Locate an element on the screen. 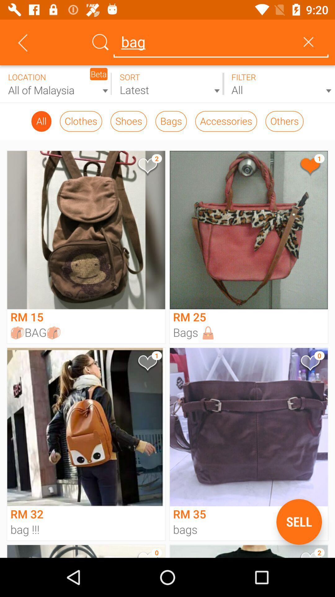 This screenshot has height=597, width=335. to favourites is located at coordinates (310, 364).